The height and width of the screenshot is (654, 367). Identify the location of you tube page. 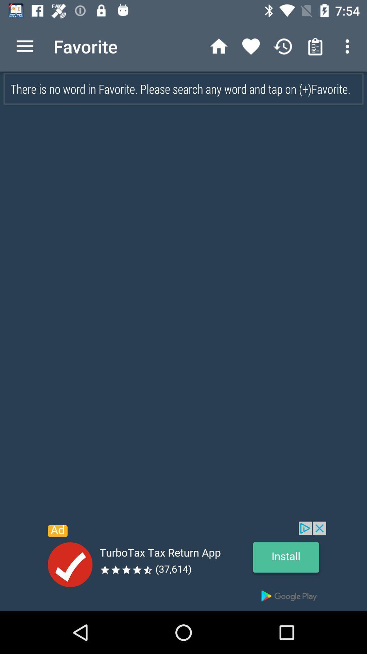
(183, 566).